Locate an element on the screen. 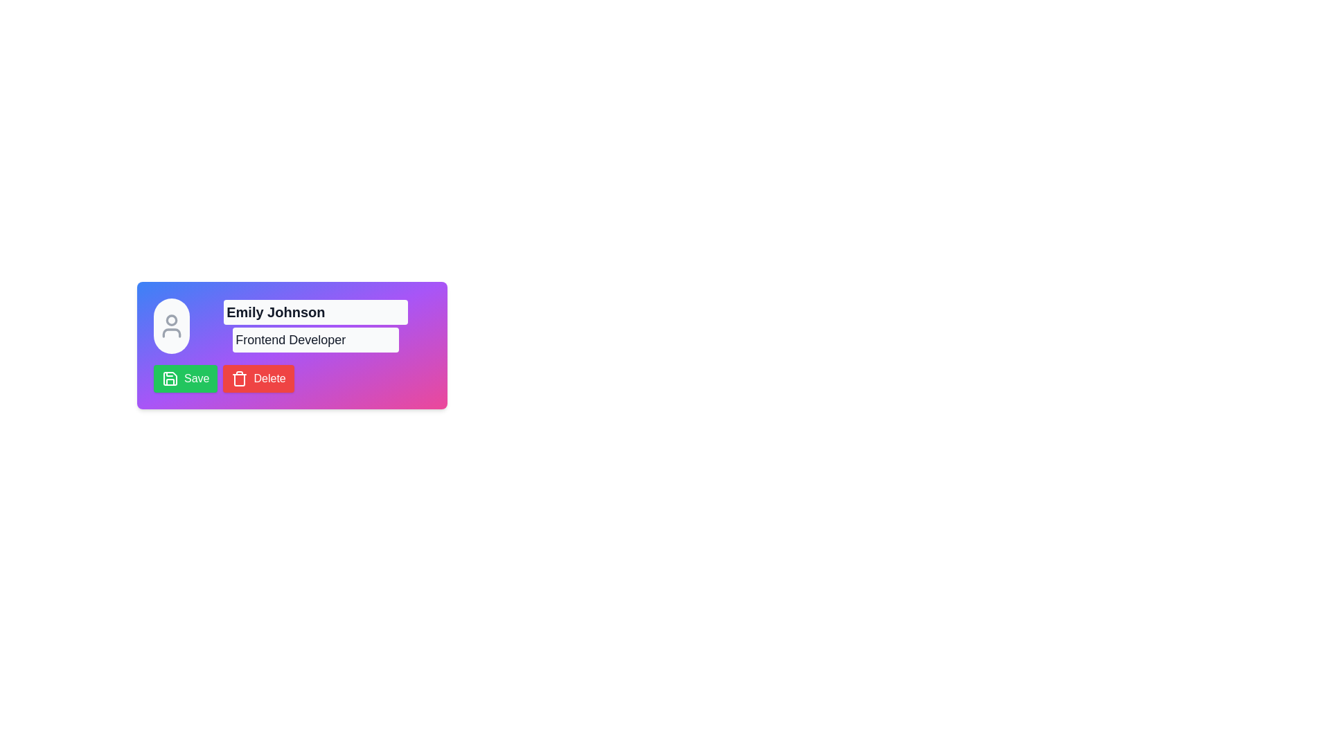 The width and height of the screenshot is (1330, 748). the Circle with a user placeholder icon, which is located at the top-left corner of the card and serves as a visual representation of the user's profile is located at coordinates (171, 326).